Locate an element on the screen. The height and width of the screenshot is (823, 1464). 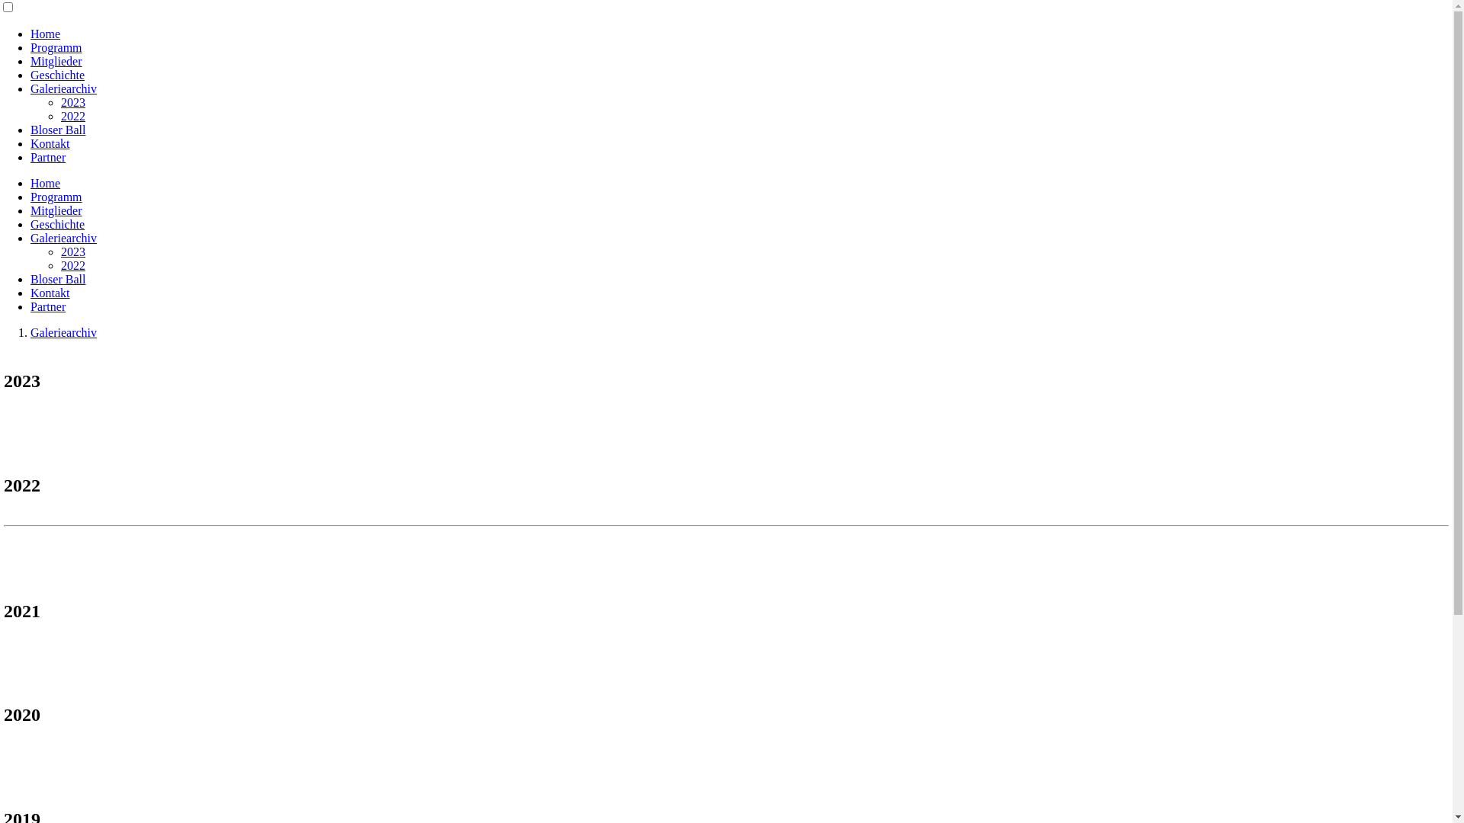
'Mitglieder' is located at coordinates (30, 210).